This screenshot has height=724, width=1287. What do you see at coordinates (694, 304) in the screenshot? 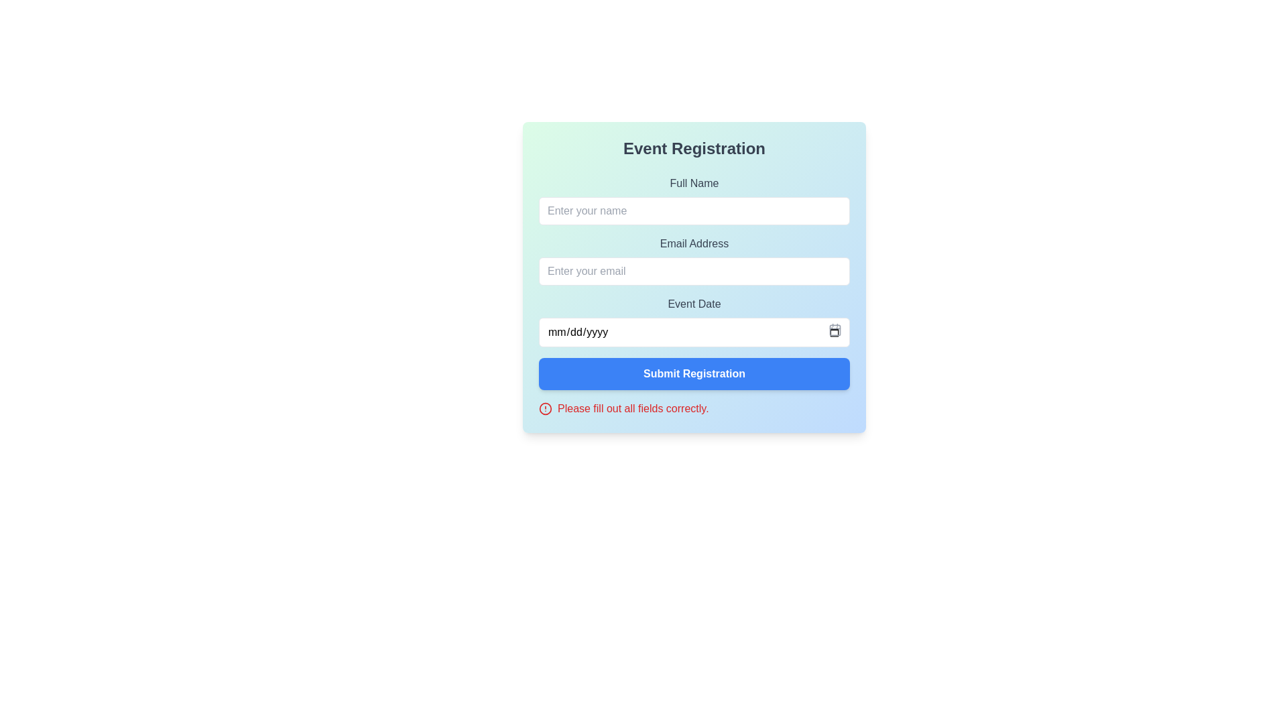
I see `the label that specifies the date input field, which is centrally positioned above the 'mm/dd/yyyy' text input field` at bounding box center [694, 304].